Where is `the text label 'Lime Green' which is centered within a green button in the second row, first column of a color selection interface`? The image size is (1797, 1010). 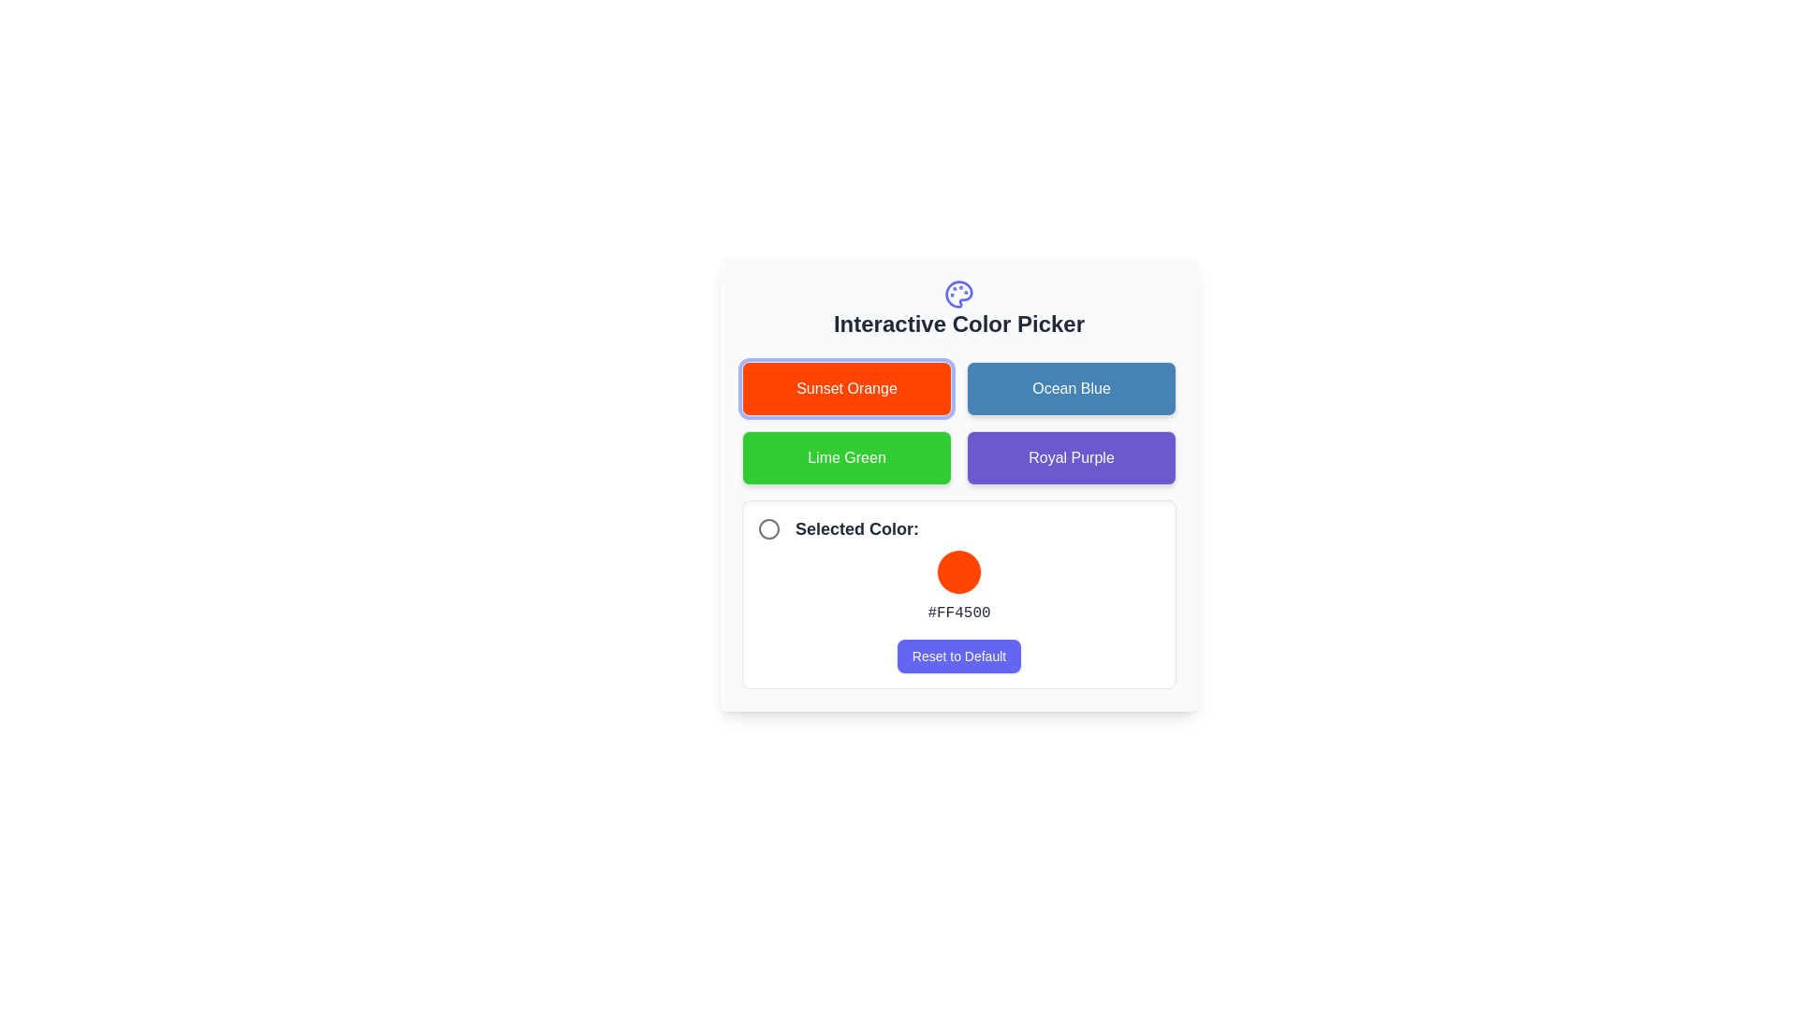
the text label 'Lime Green' which is centered within a green button in the second row, first column of a color selection interface is located at coordinates (846, 457).